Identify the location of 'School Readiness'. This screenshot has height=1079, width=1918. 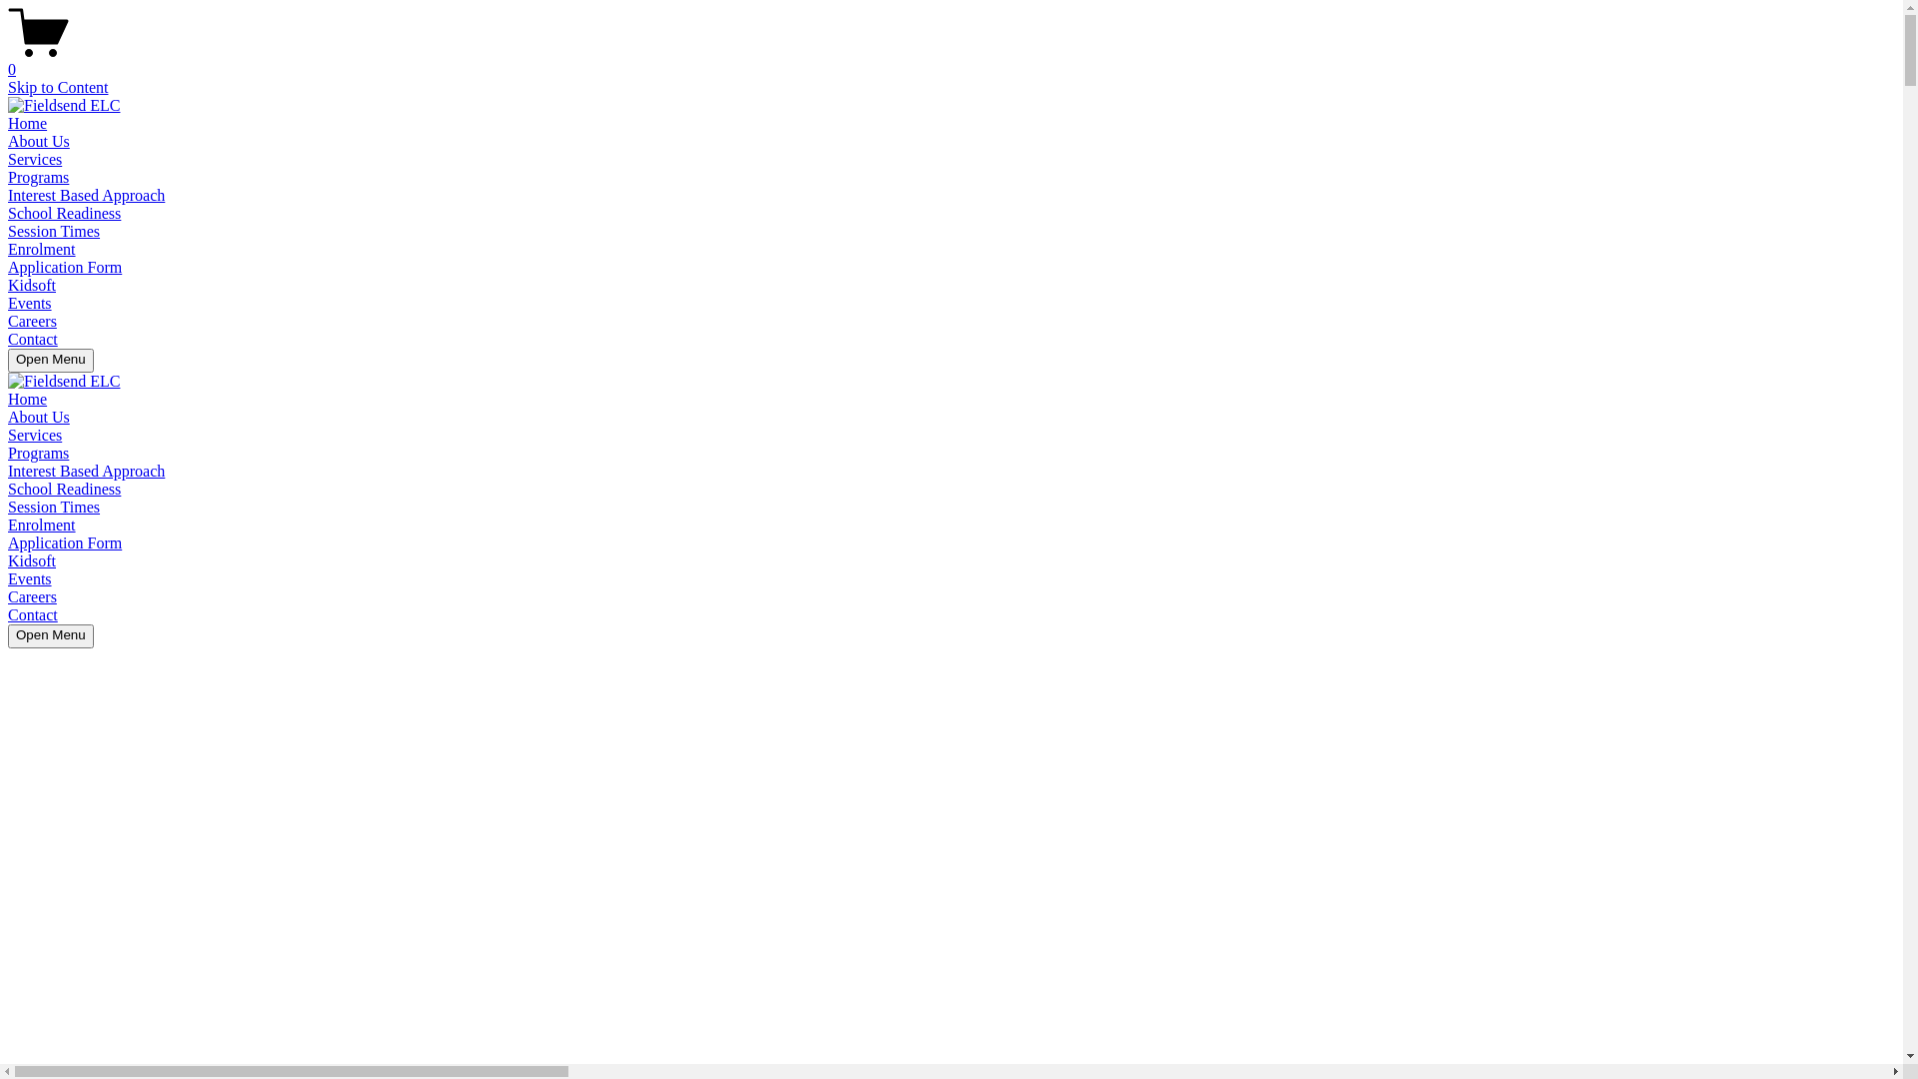
(64, 489).